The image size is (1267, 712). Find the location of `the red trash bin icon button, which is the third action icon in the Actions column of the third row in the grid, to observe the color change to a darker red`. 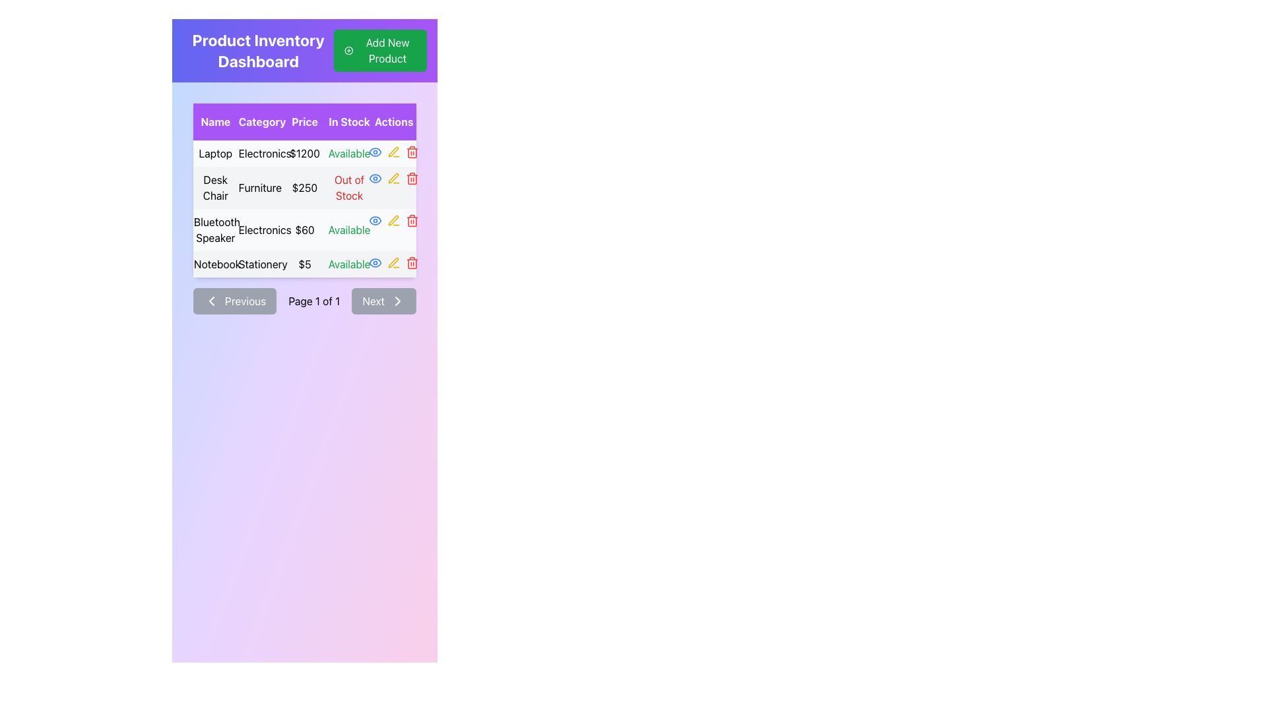

the red trash bin icon button, which is the third action icon in the Actions column of the third row in the grid, to observe the color change to a darker red is located at coordinates (412, 220).